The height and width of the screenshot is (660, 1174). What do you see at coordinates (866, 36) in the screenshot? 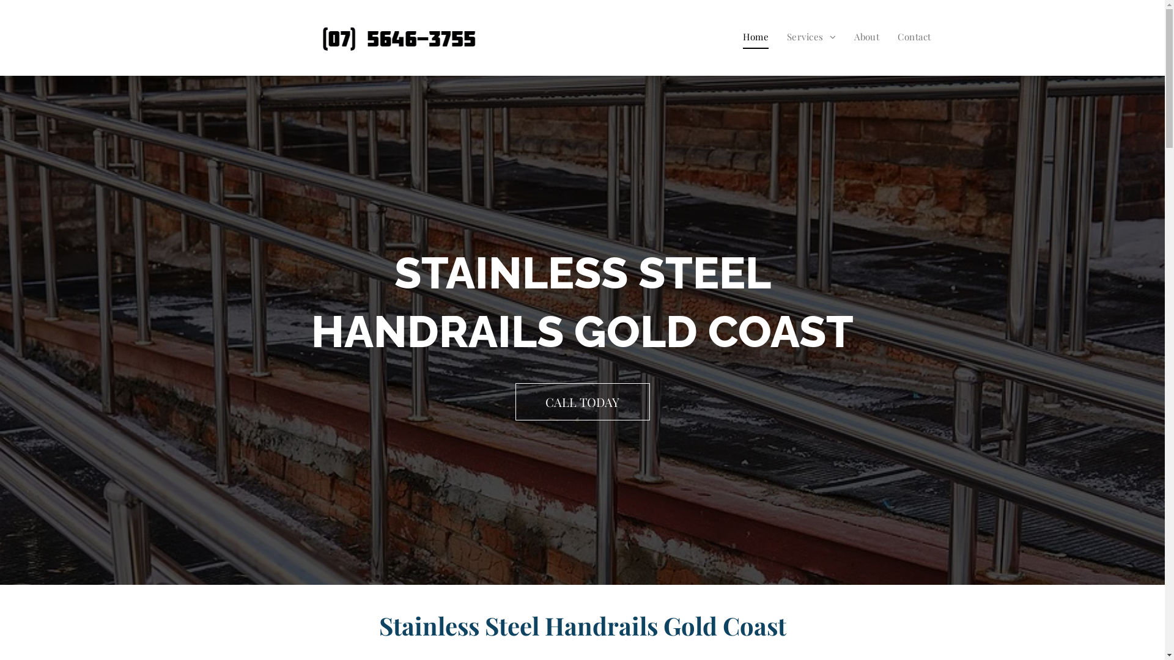
I see `'About'` at bounding box center [866, 36].